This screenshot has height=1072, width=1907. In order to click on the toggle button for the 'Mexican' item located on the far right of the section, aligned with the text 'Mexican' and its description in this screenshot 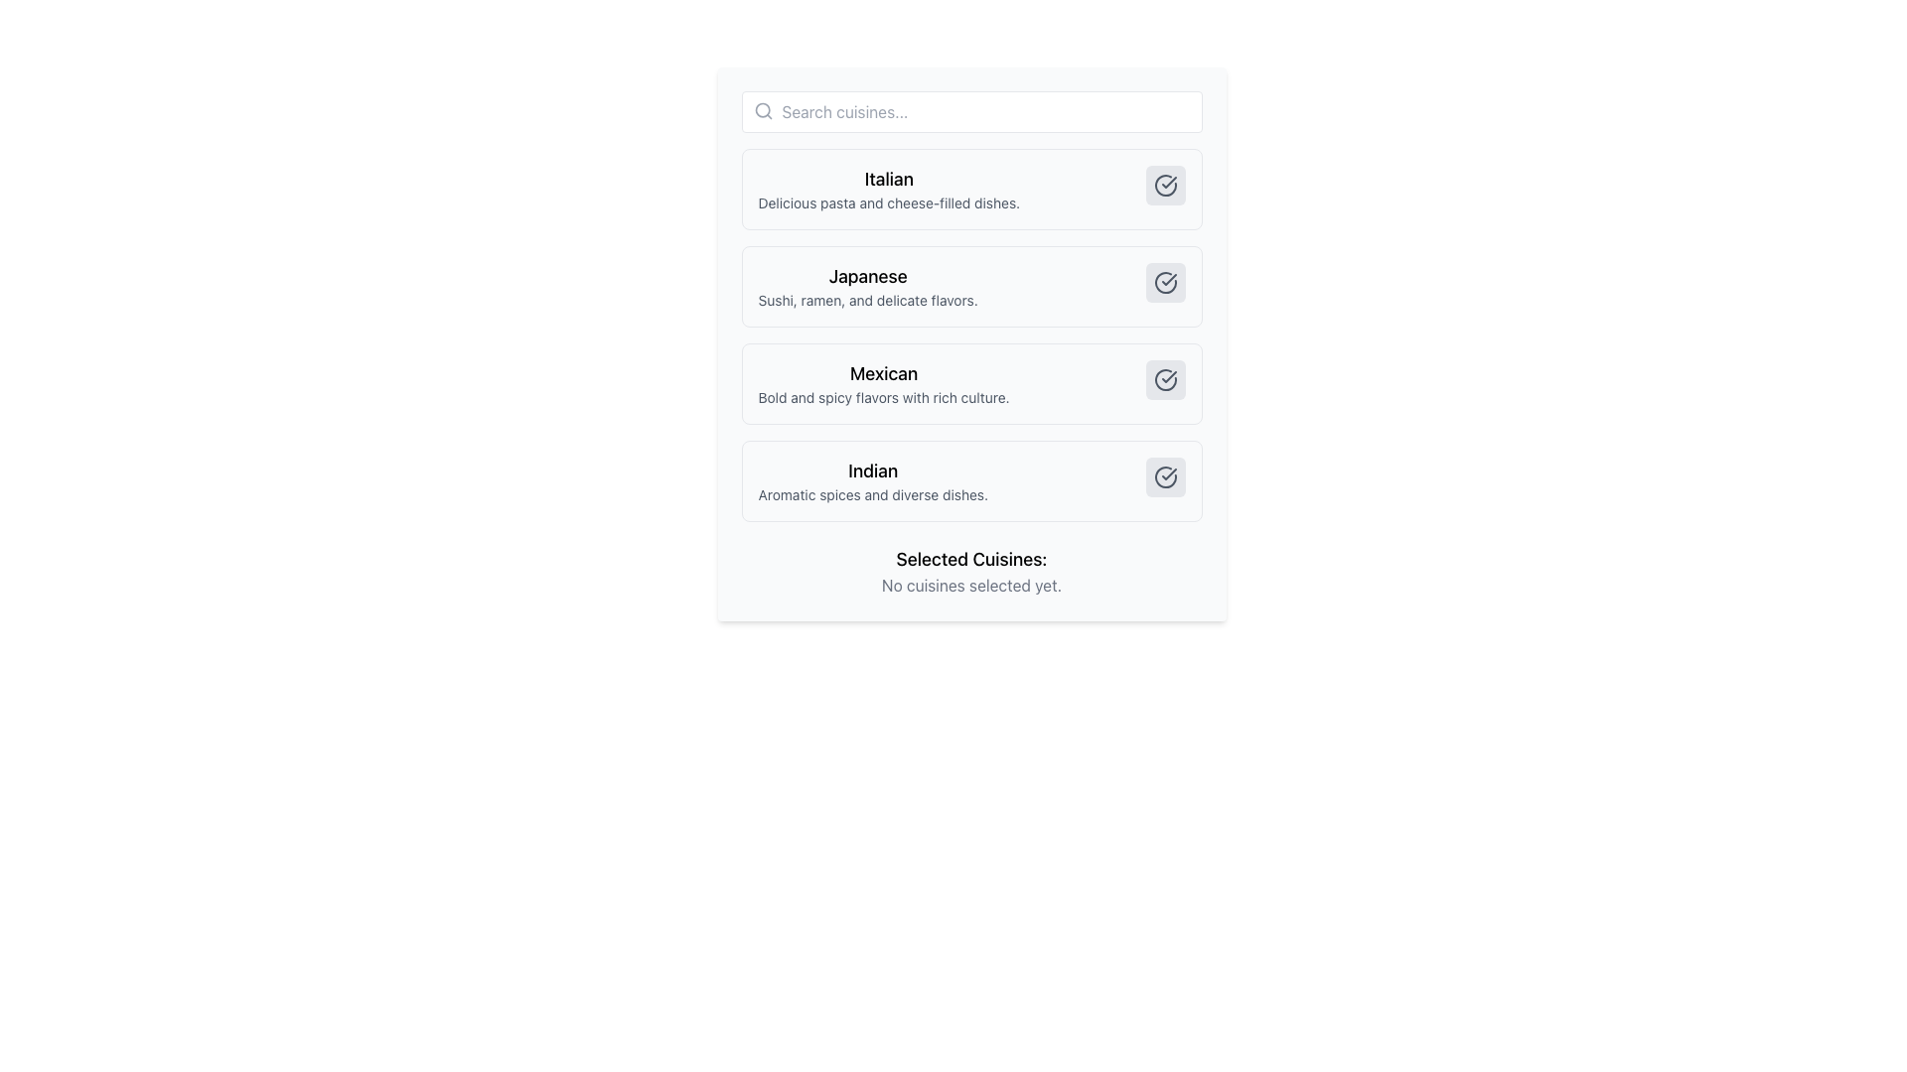, I will do `click(1165, 379)`.